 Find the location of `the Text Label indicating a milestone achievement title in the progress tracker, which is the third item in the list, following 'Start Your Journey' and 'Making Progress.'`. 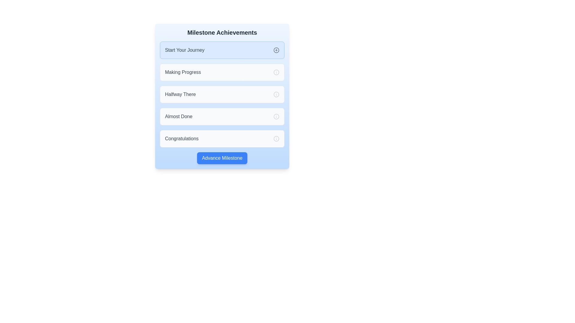

the Text Label indicating a milestone achievement title in the progress tracker, which is the third item in the list, following 'Start Your Journey' and 'Making Progress.' is located at coordinates (180, 94).